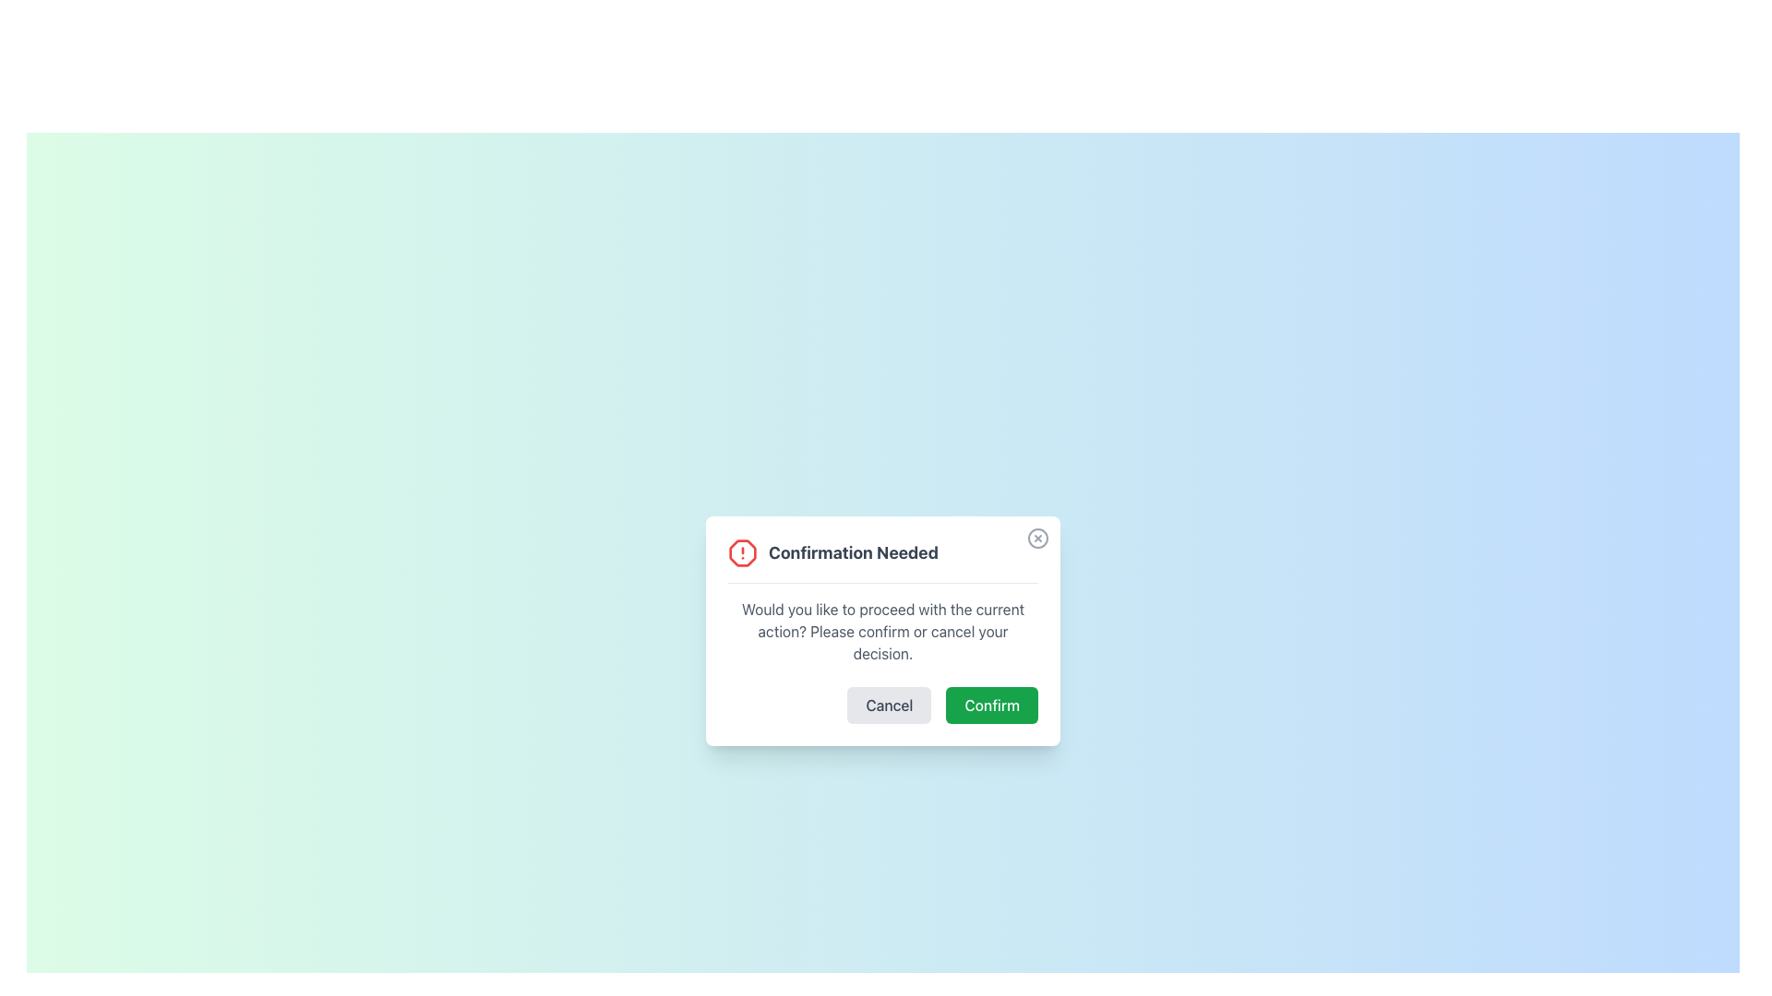 This screenshot has width=1772, height=996. What do you see at coordinates (743, 551) in the screenshot?
I see `the warning icon that indicates an alert related to the current dialog box, positioned to the left of the 'Confirmation Needed' text` at bounding box center [743, 551].